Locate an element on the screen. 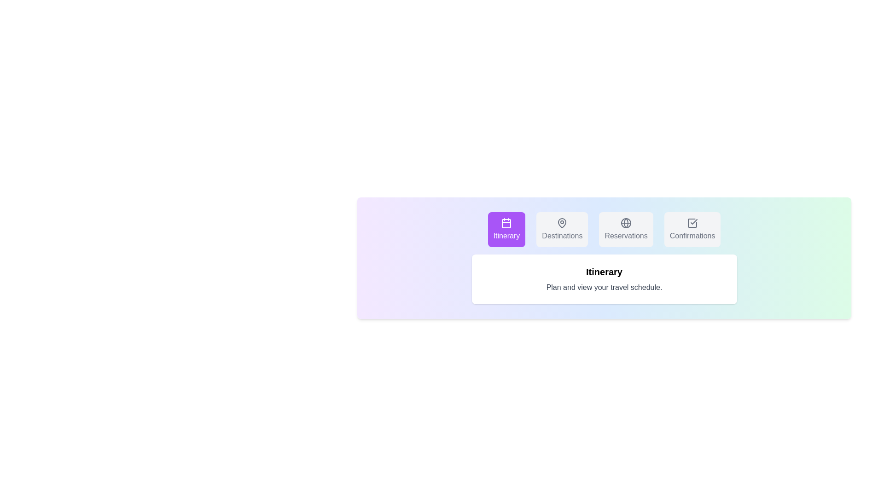  the tab labeled Destinations to observe its hover effect is located at coordinates (561, 229).